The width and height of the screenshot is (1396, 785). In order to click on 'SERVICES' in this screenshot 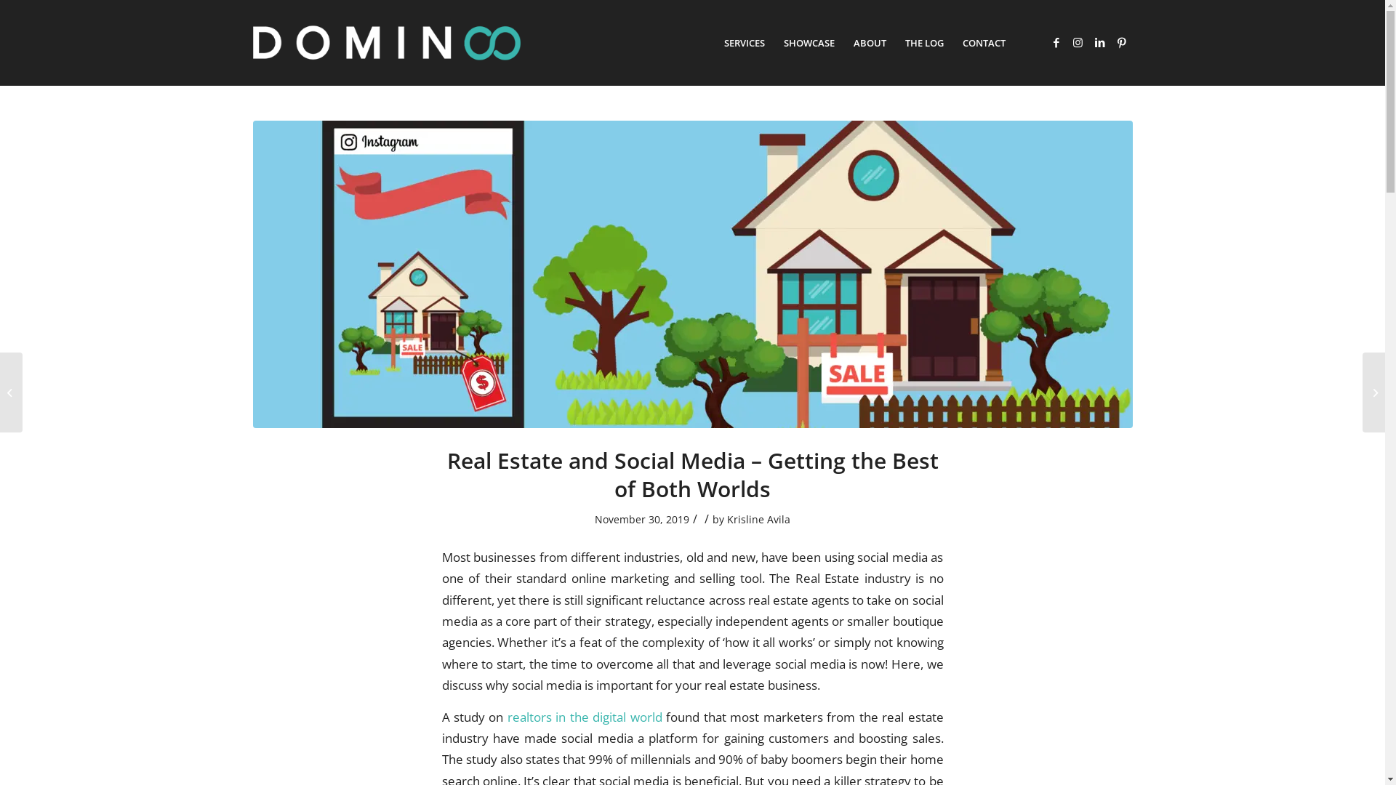, I will do `click(743, 41)`.